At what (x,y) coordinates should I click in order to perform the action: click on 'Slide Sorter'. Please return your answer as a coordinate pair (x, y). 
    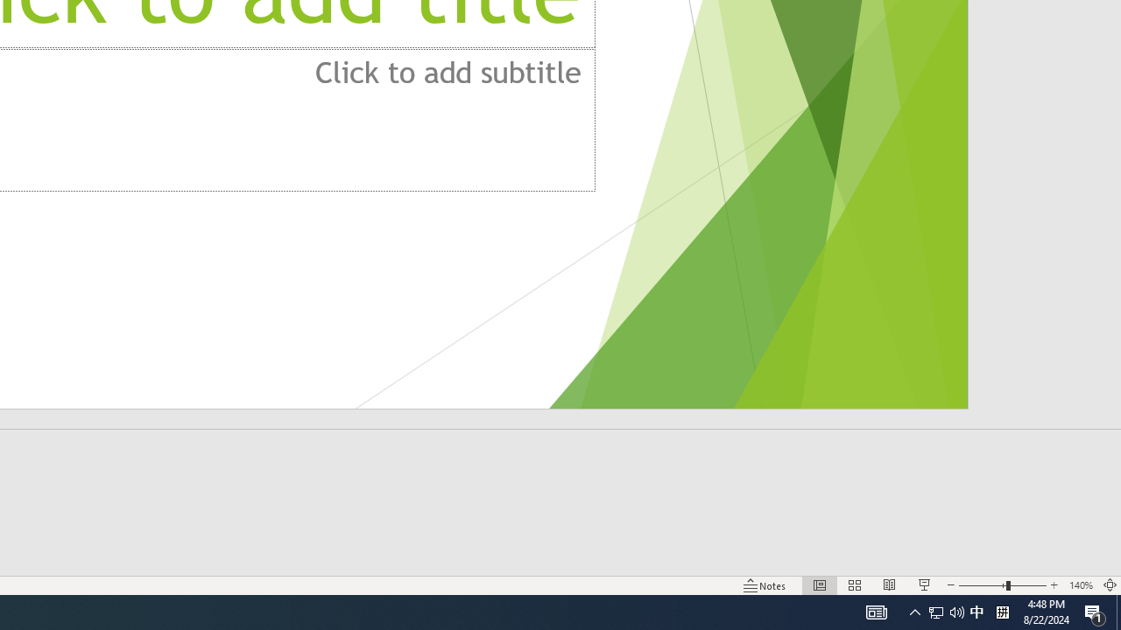
    Looking at the image, I should click on (855, 585).